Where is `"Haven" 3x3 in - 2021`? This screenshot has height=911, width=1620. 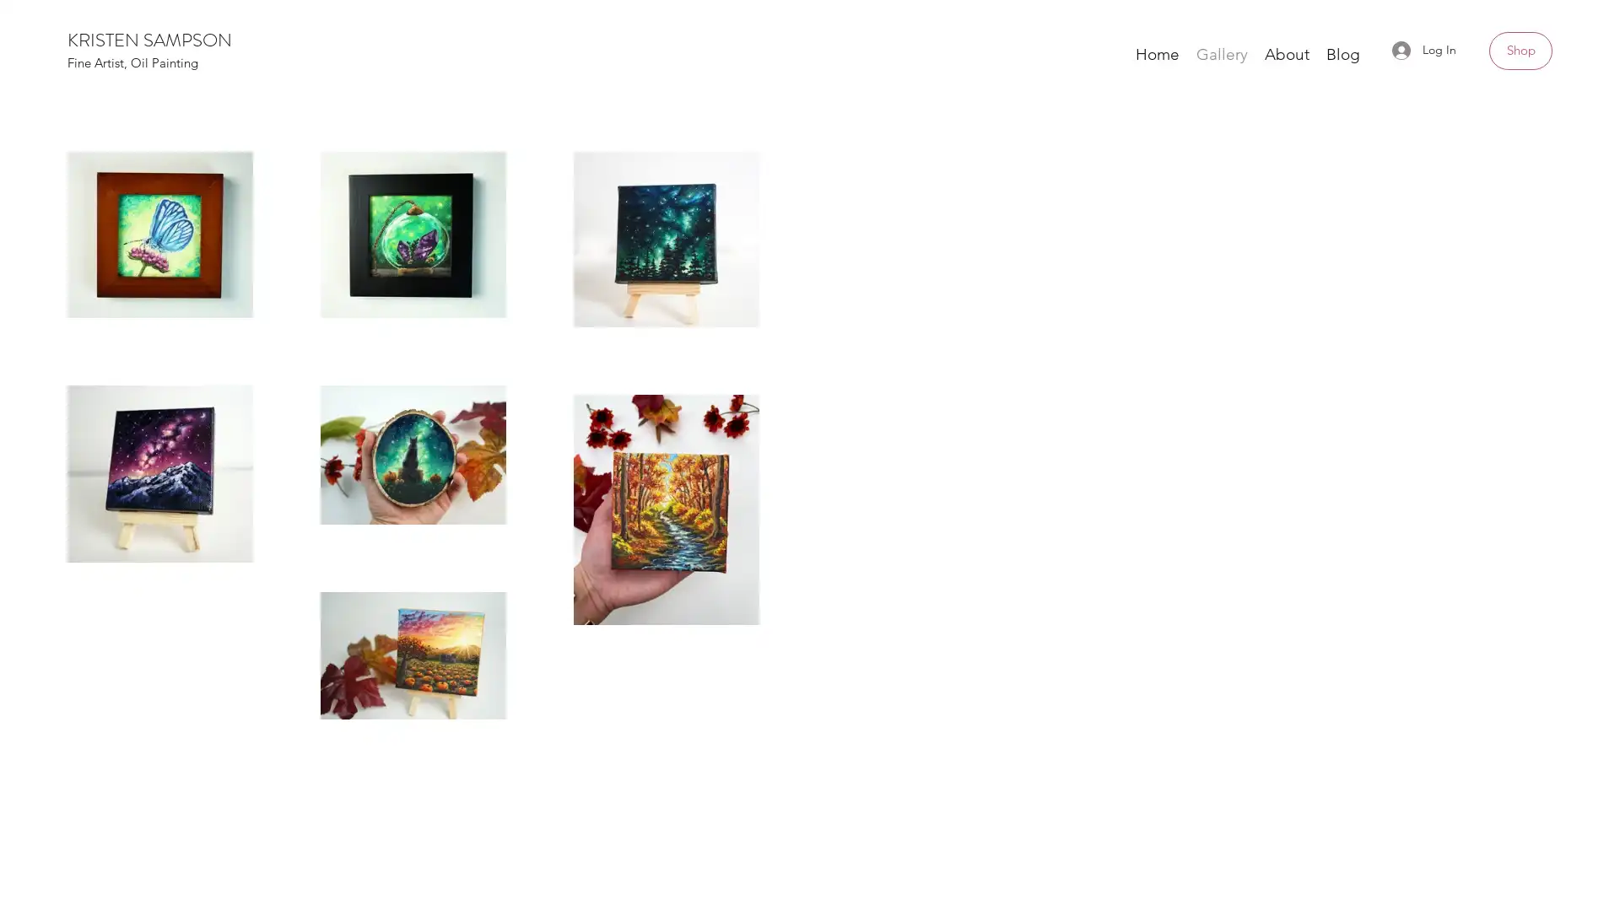 "Haven" 3x3 in - 2021 is located at coordinates (292, 352).